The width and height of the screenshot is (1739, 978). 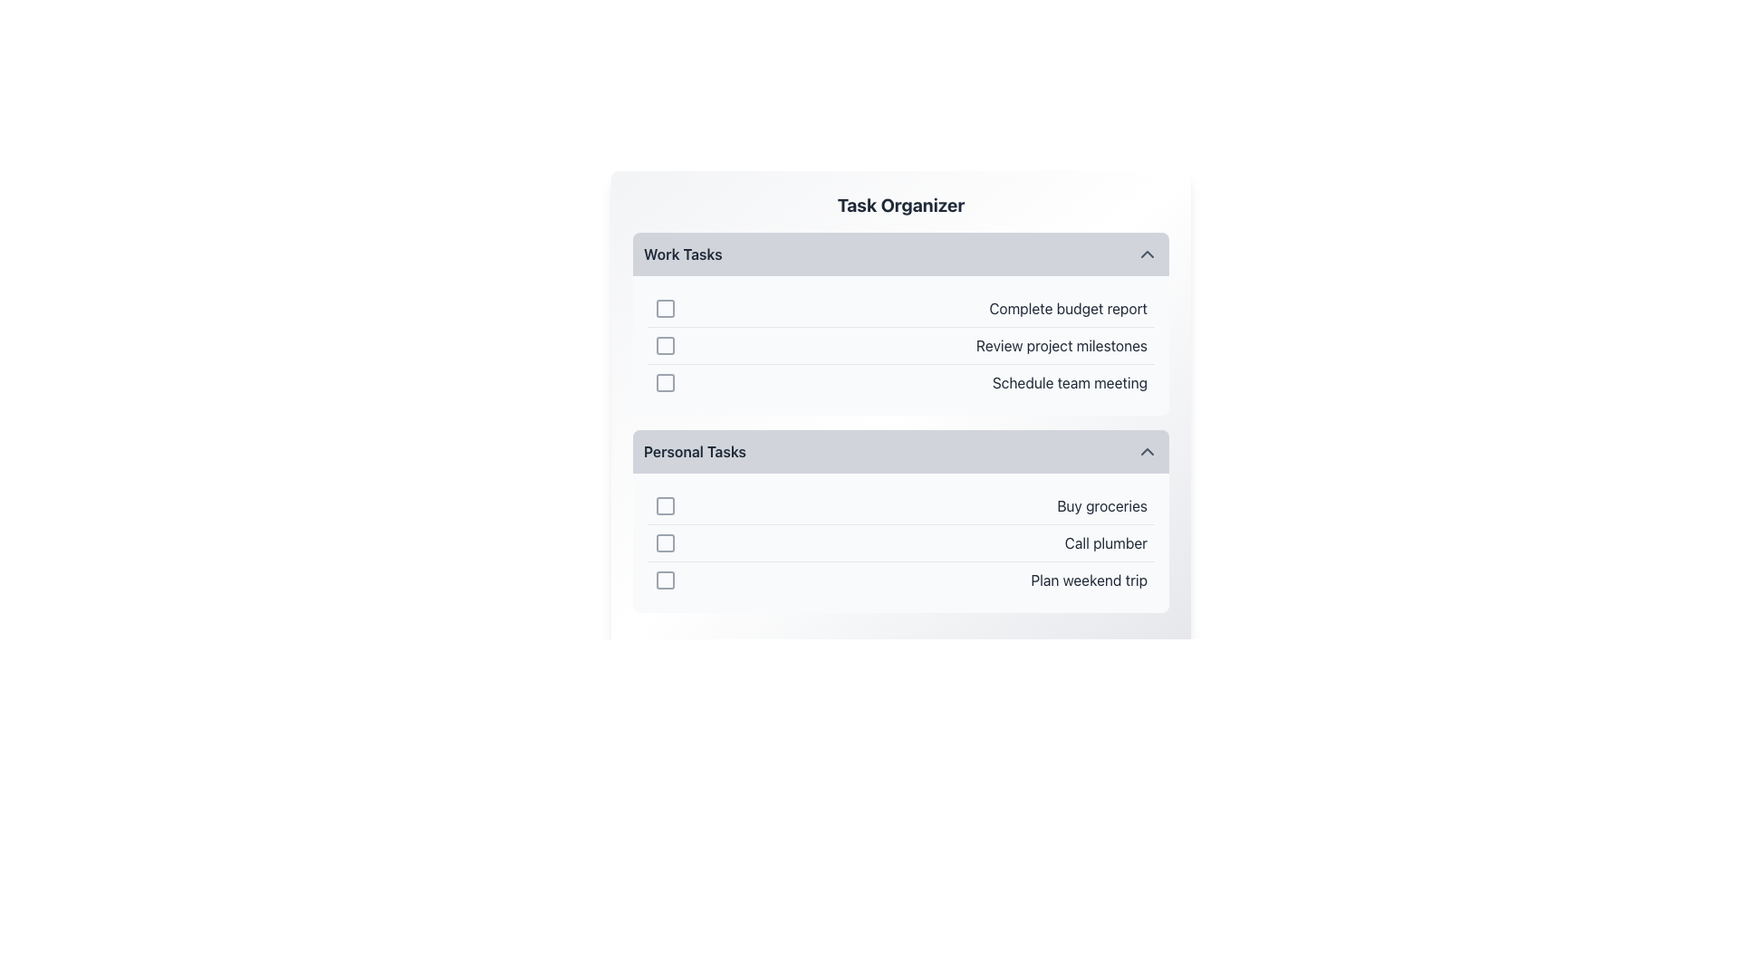 What do you see at coordinates (664, 580) in the screenshot?
I see `the checkbox located to the left of the text 'Plan weekend trip' in the 'Personal Tasks' section` at bounding box center [664, 580].